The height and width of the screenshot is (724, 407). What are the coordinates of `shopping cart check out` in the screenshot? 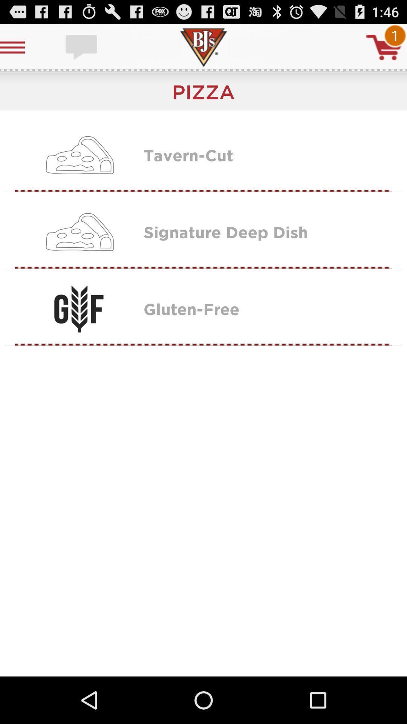 It's located at (384, 47).